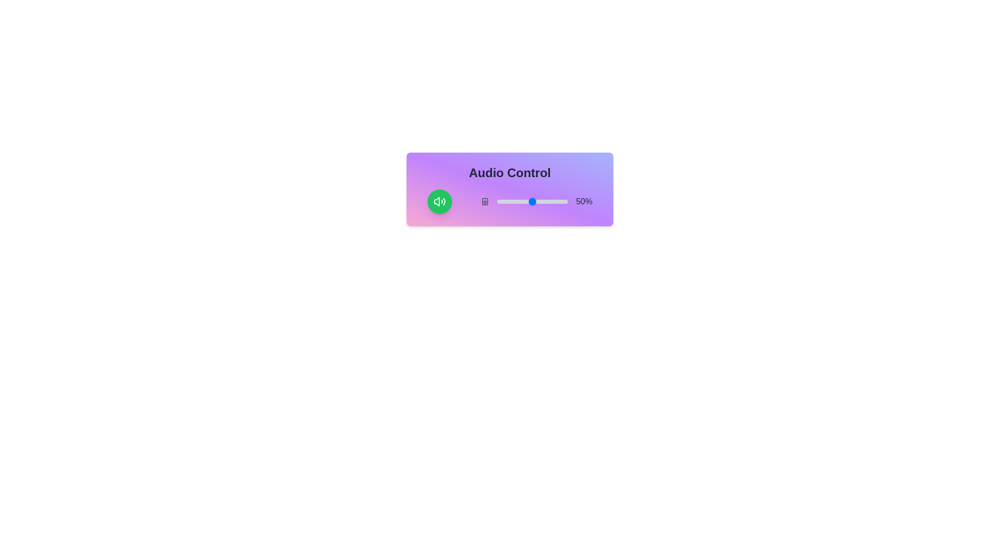 This screenshot has width=983, height=553. Describe the element at coordinates (527, 201) in the screenshot. I see `the volume slider to 43%` at that location.